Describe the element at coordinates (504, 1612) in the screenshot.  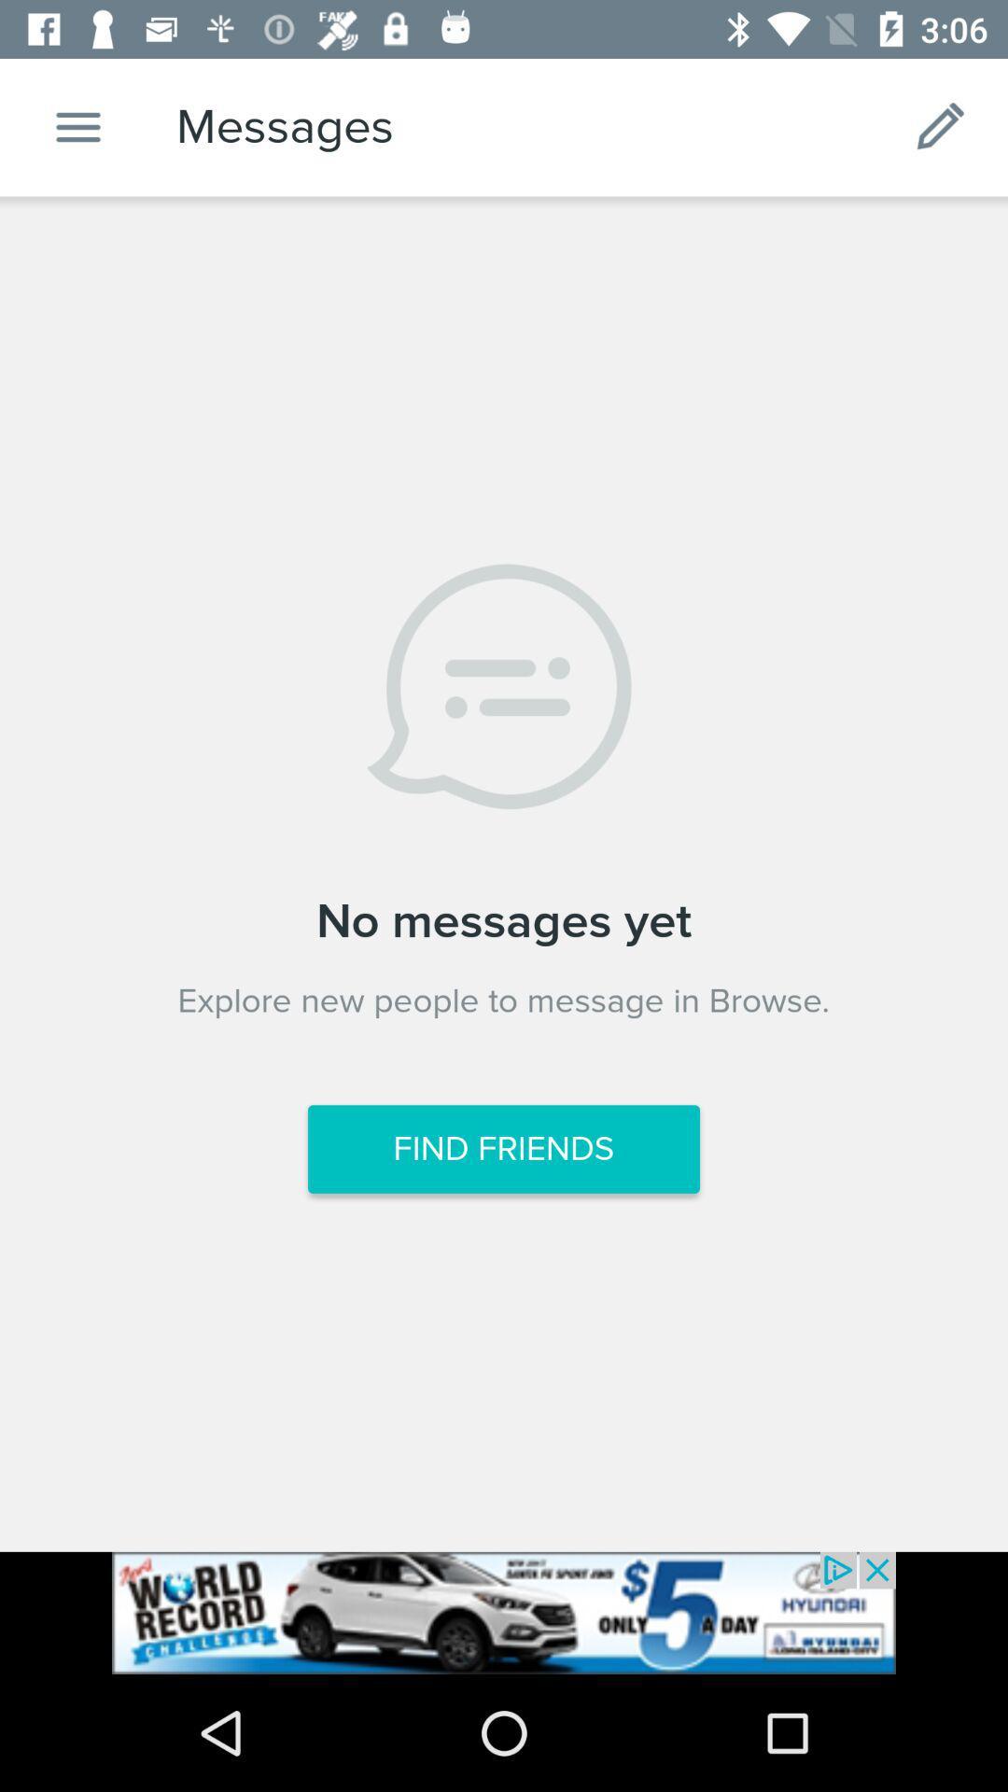
I see `visit the hyundai site` at that location.